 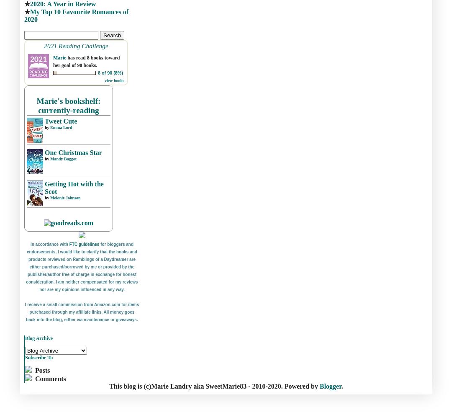 I want to click on 'My Top 10 Favourite Romances of 2020', so click(x=76, y=15).